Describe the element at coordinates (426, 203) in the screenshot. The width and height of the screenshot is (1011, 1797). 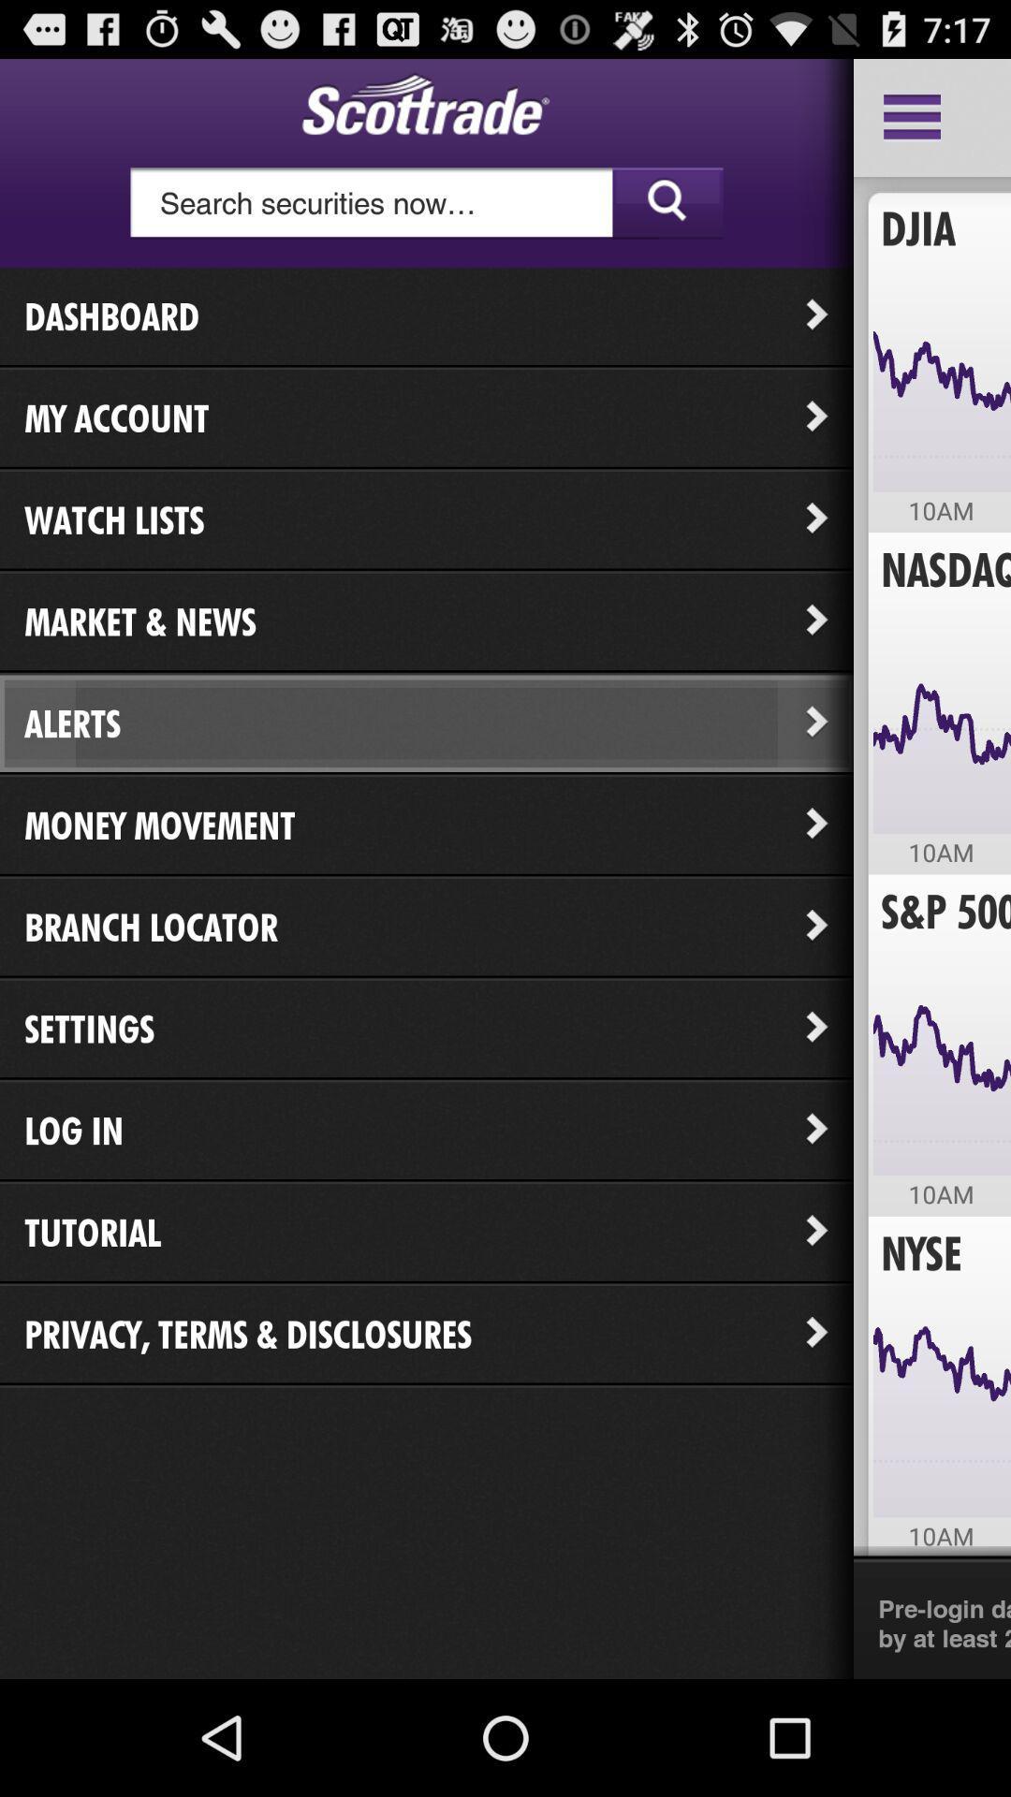
I see `search for securities text field` at that location.